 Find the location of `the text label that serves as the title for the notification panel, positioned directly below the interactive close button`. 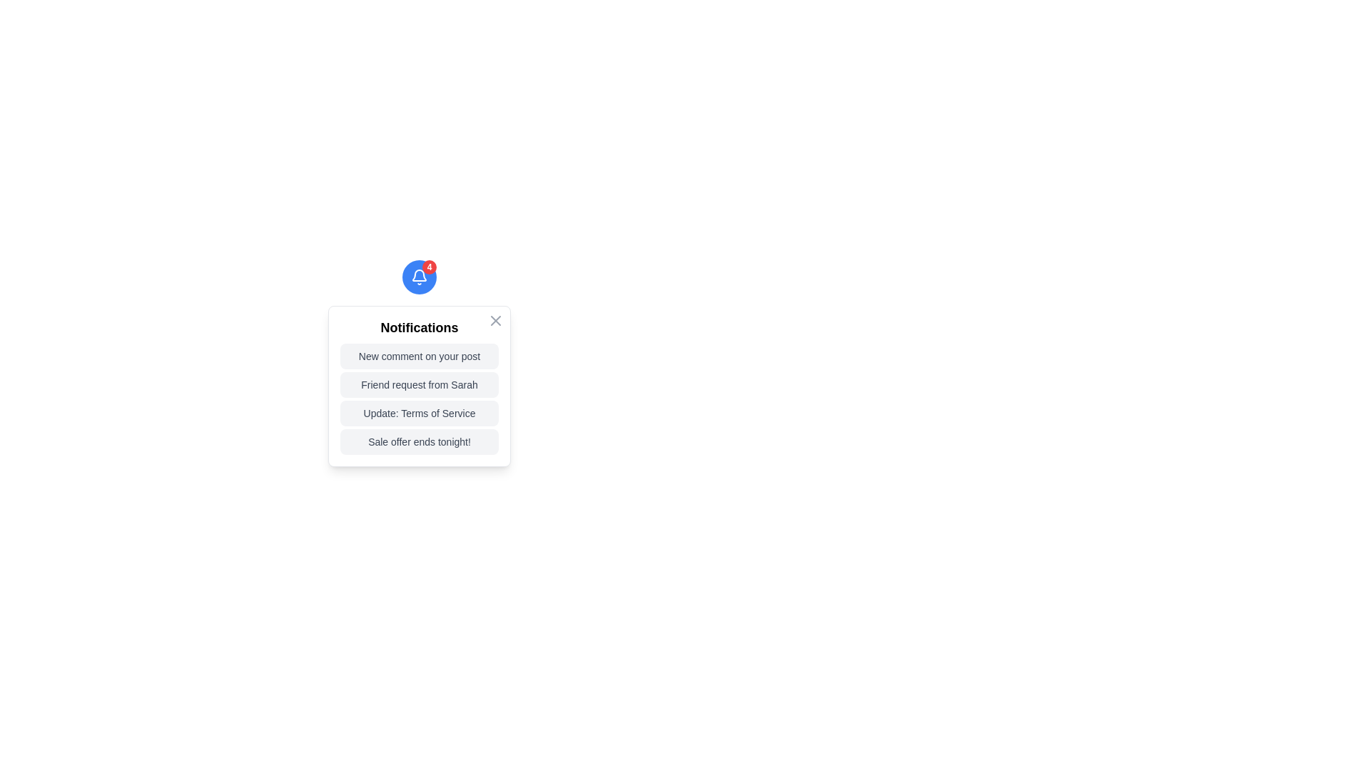

the text label that serves as the title for the notification panel, positioned directly below the interactive close button is located at coordinates (419, 327).